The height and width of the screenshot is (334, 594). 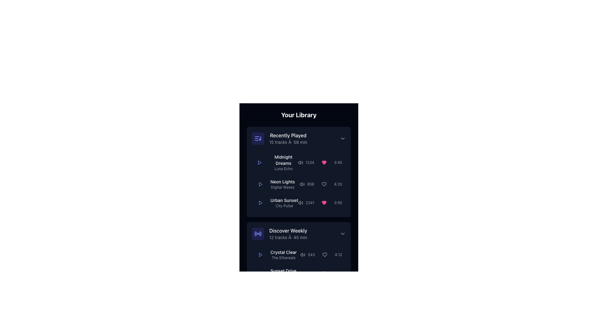 What do you see at coordinates (260, 255) in the screenshot?
I see `the play button for the 'Midnight Dreams' track in the 'Recently Played' section to start playback` at bounding box center [260, 255].